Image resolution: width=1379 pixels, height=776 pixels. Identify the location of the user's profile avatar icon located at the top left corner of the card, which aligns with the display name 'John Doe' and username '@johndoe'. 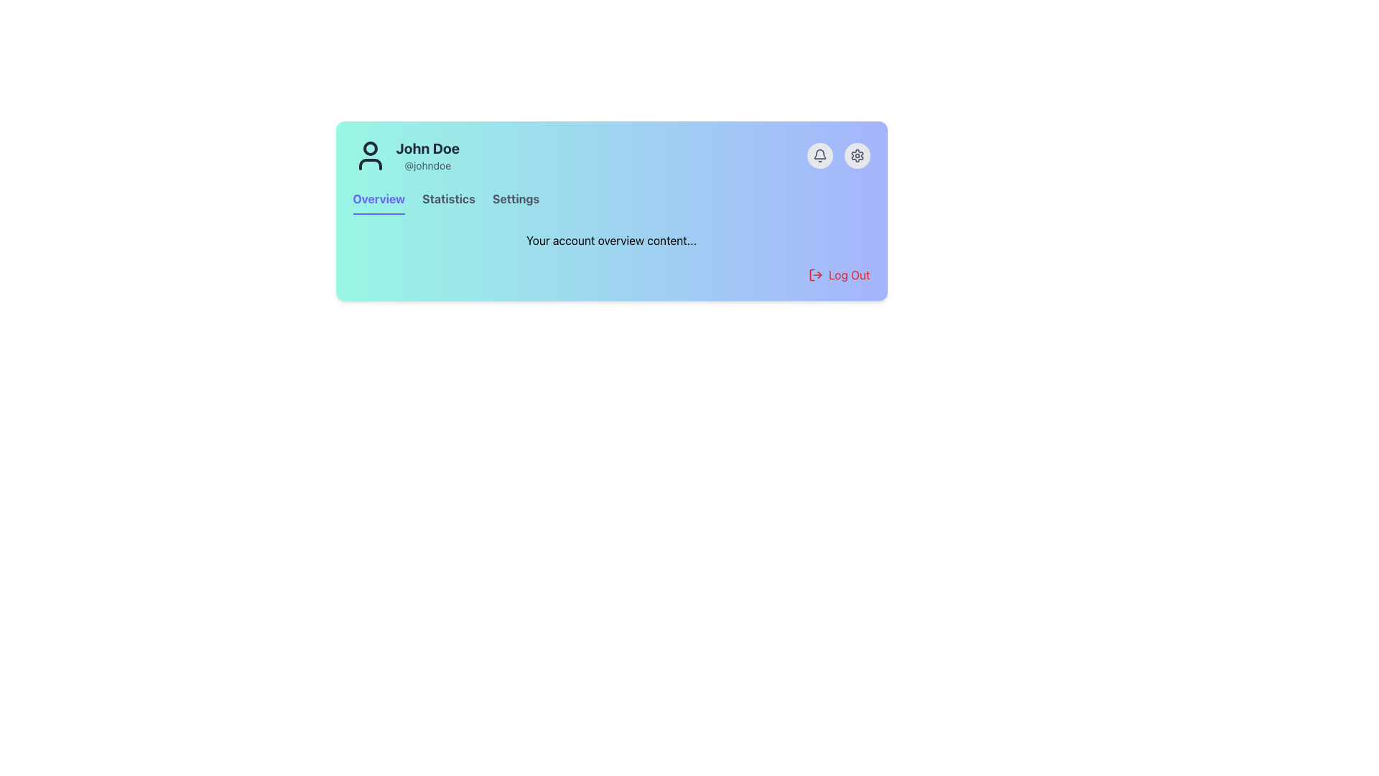
(370, 155).